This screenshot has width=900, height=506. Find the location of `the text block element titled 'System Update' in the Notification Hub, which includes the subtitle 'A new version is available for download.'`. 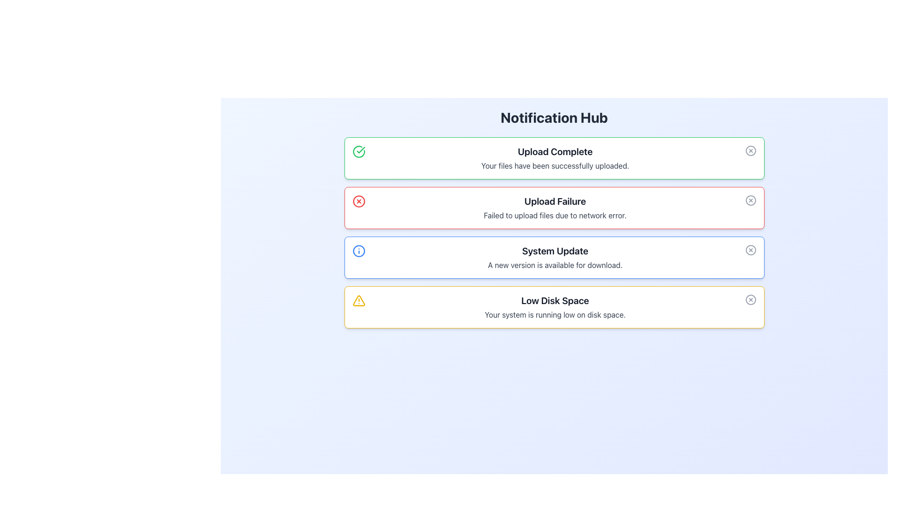

the text block element titled 'System Update' in the Notification Hub, which includes the subtitle 'A new version is available for download.' is located at coordinates (555, 258).